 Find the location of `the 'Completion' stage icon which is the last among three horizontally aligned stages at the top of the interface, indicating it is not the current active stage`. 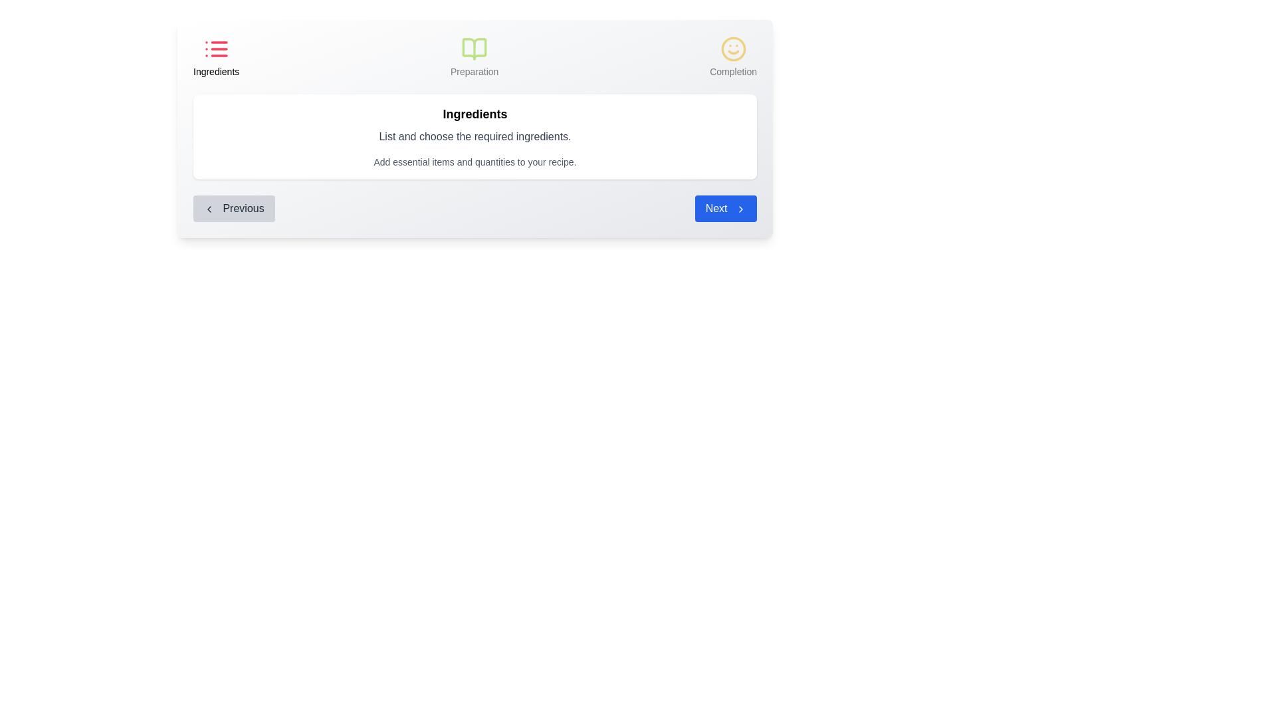

the 'Completion' stage icon which is the last among three horizontally aligned stages at the top of the interface, indicating it is not the current active stage is located at coordinates (732, 56).